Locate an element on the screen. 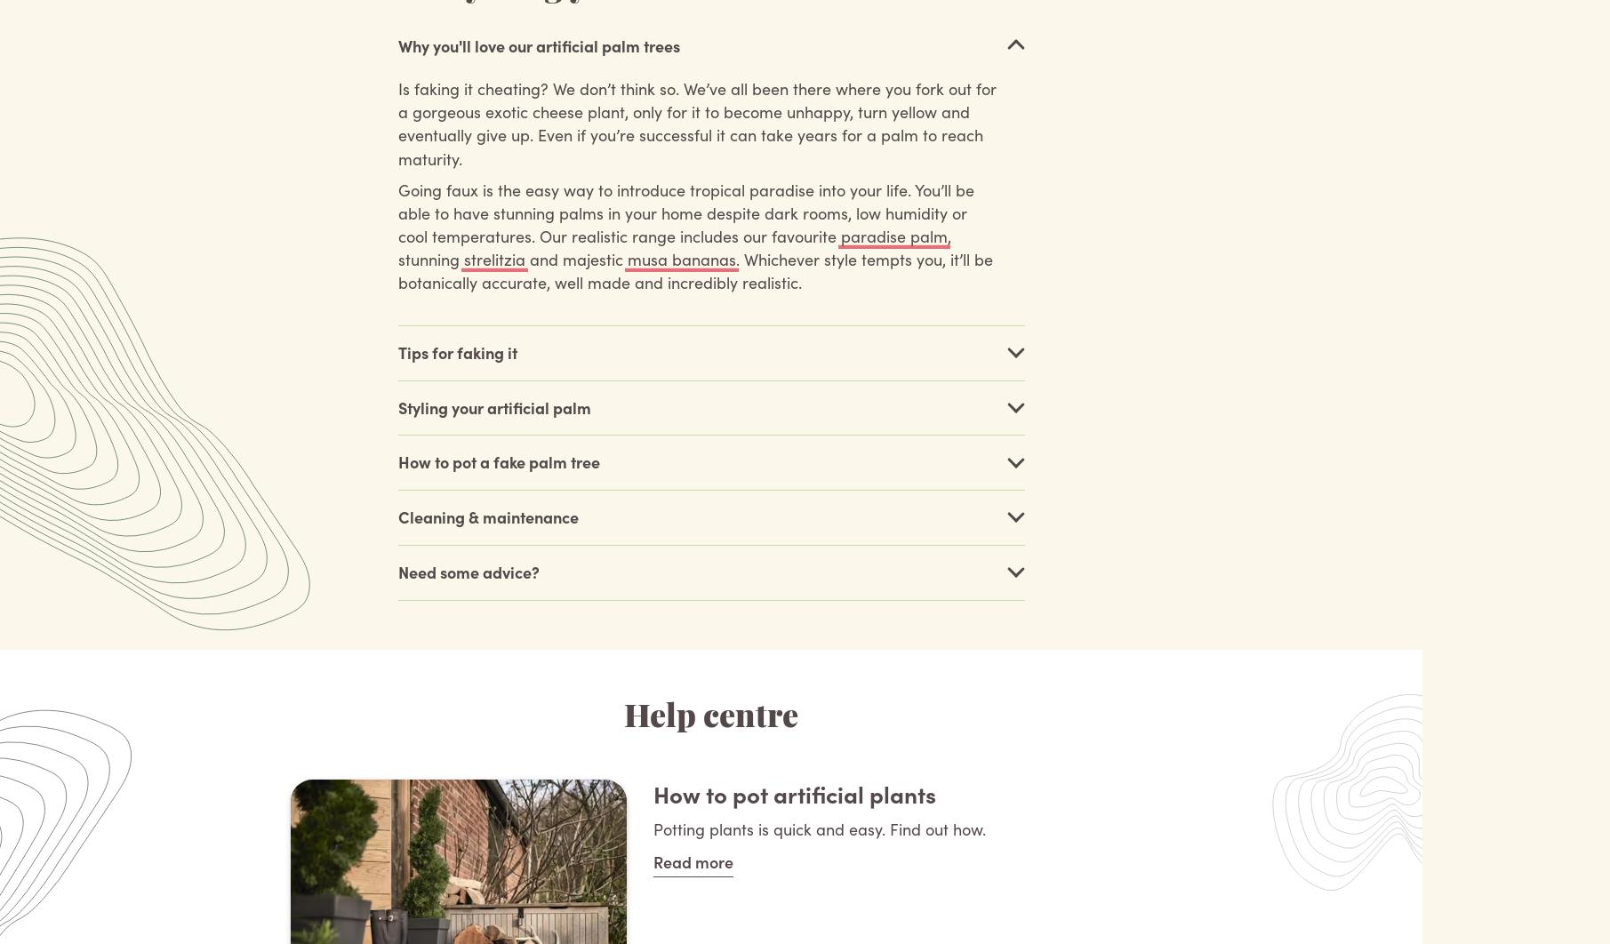 The height and width of the screenshot is (944, 1610). 'and majestic' is located at coordinates (575, 257).